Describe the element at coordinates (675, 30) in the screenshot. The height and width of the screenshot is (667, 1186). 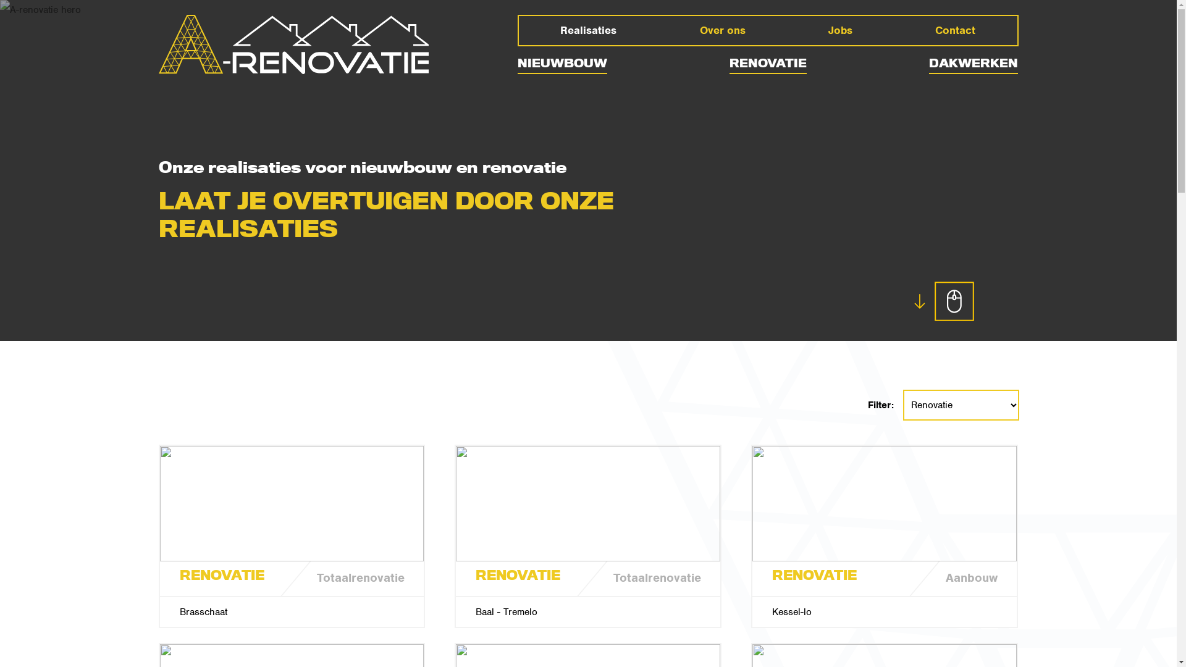
I see `'Over ons'` at that location.